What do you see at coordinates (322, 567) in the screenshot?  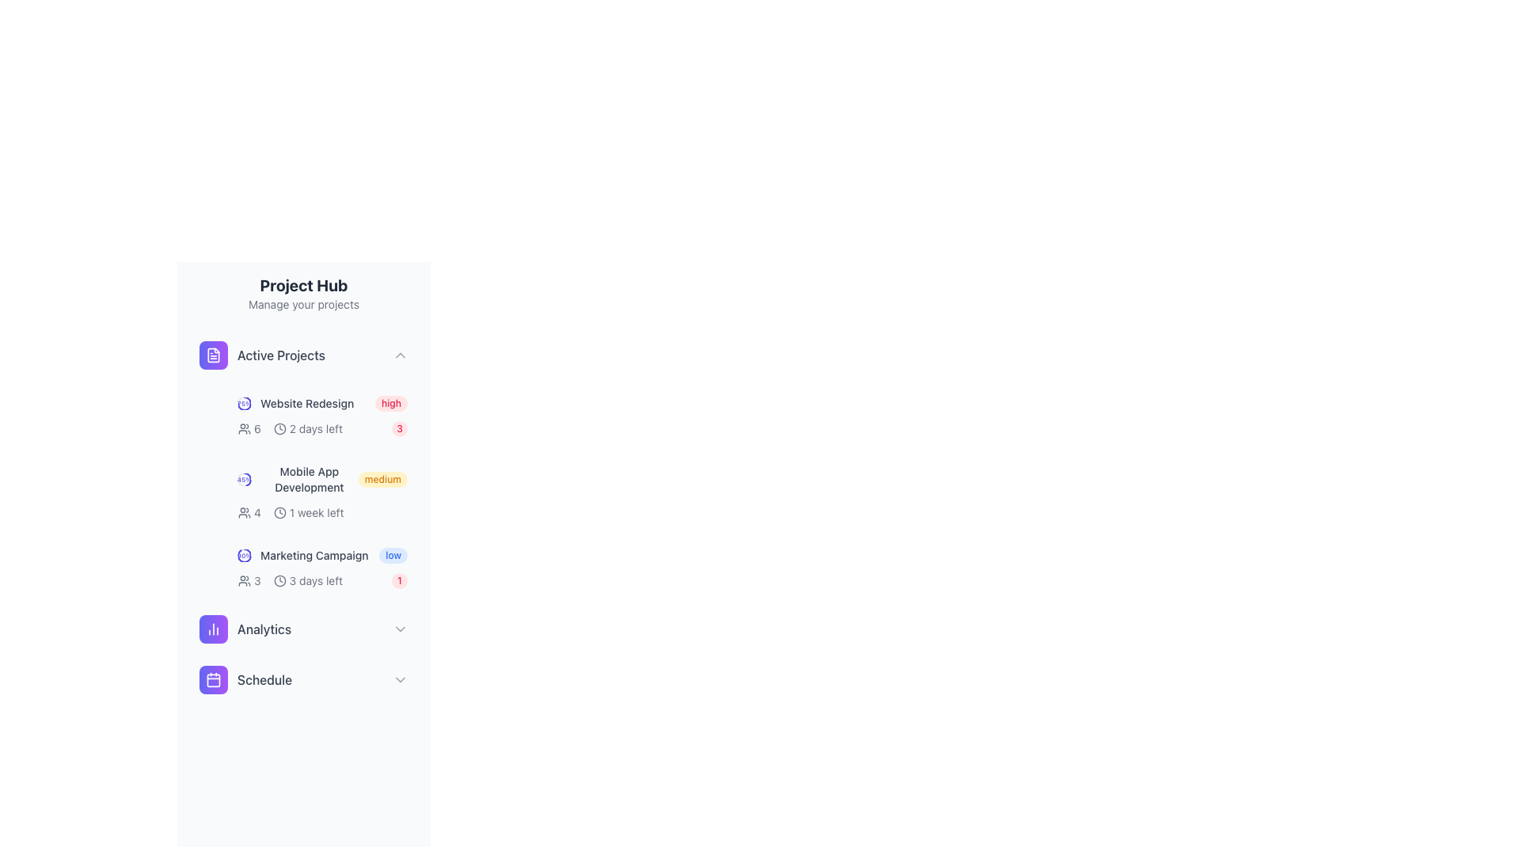 I see `the third project card labeled 'Marketing Campaign'` at bounding box center [322, 567].